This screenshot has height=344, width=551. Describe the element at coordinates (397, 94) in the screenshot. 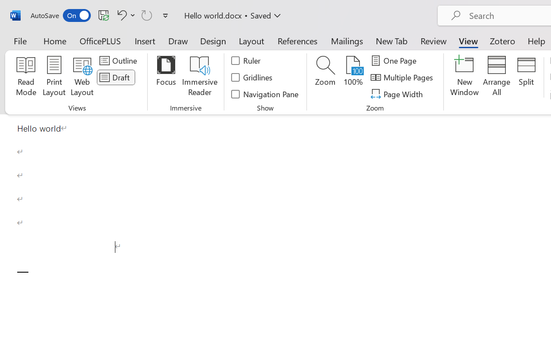

I see `'Page Width'` at that location.